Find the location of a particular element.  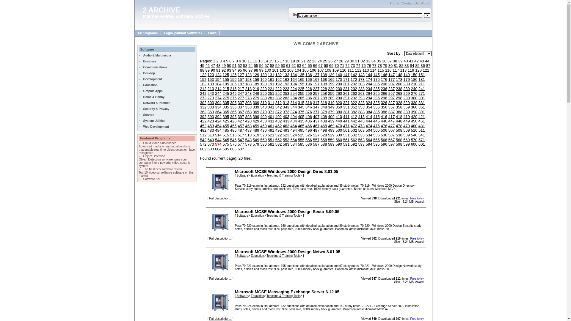

'552' is located at coordinates (278, 140).